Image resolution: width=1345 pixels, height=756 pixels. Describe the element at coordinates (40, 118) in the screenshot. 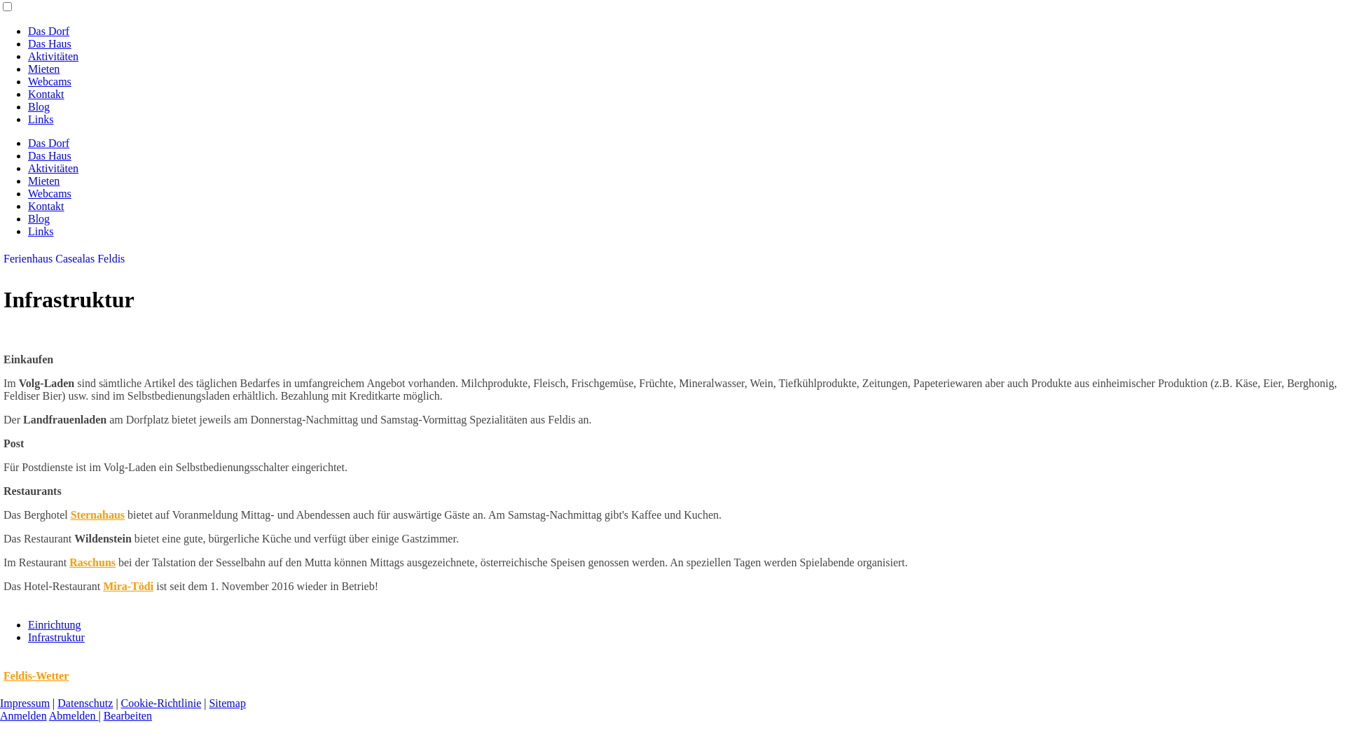

I see `'Links'` at that location.